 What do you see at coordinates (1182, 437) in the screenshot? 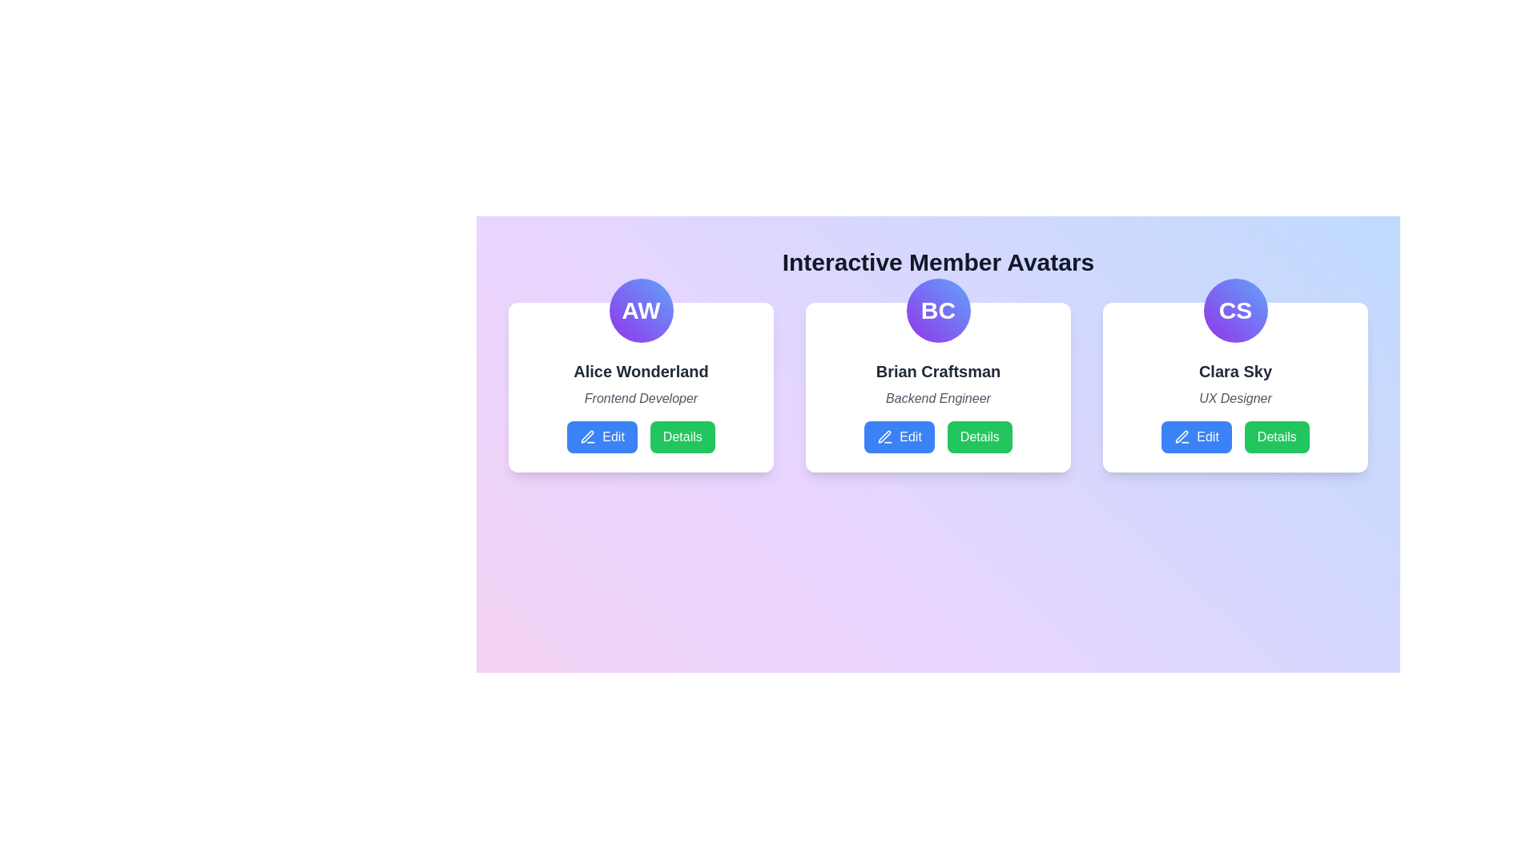
I see `the small pen icon located within the blue 'Edit' button of the 'Clara Sky' card to invoke the edit function` at bounding box center [1182, 437].